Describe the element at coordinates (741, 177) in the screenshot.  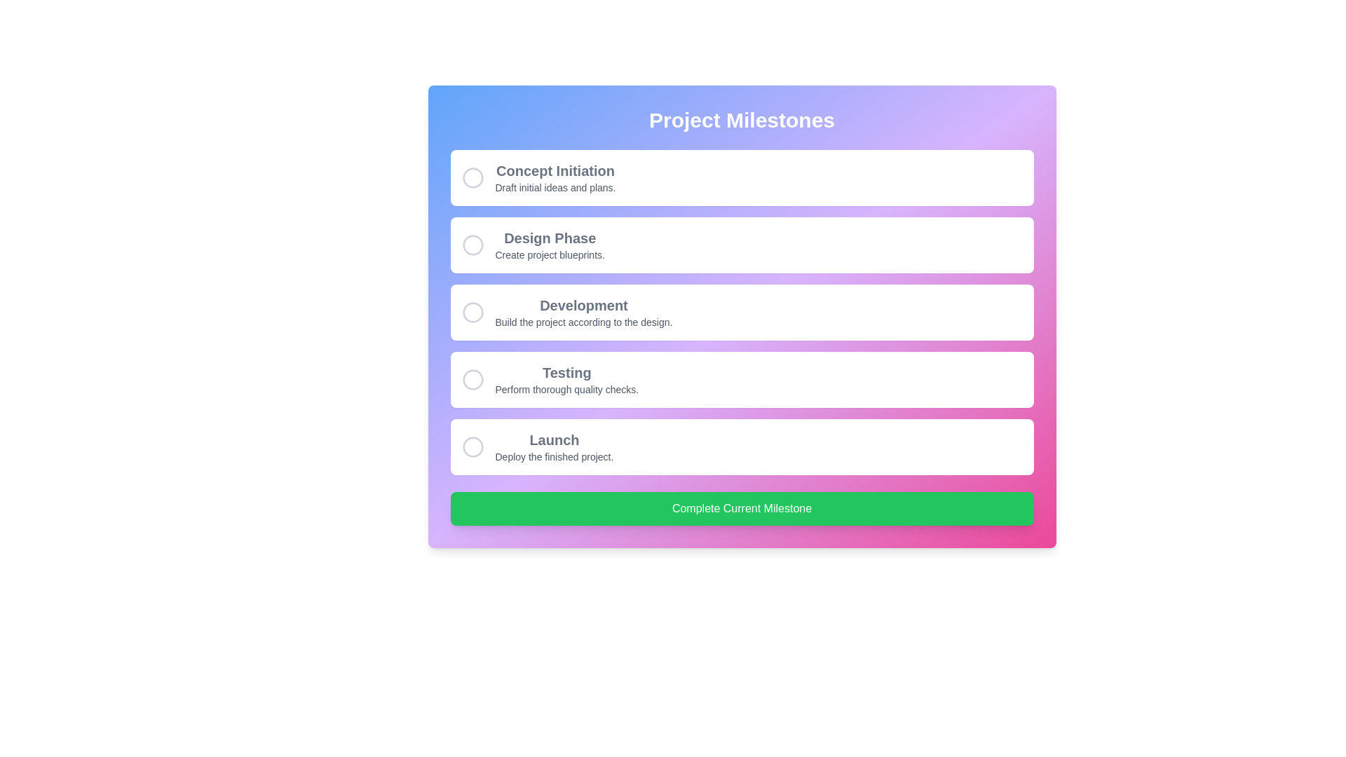
I see `the first list item representing the concept initiation stage in the project milestone tracker` at that location.